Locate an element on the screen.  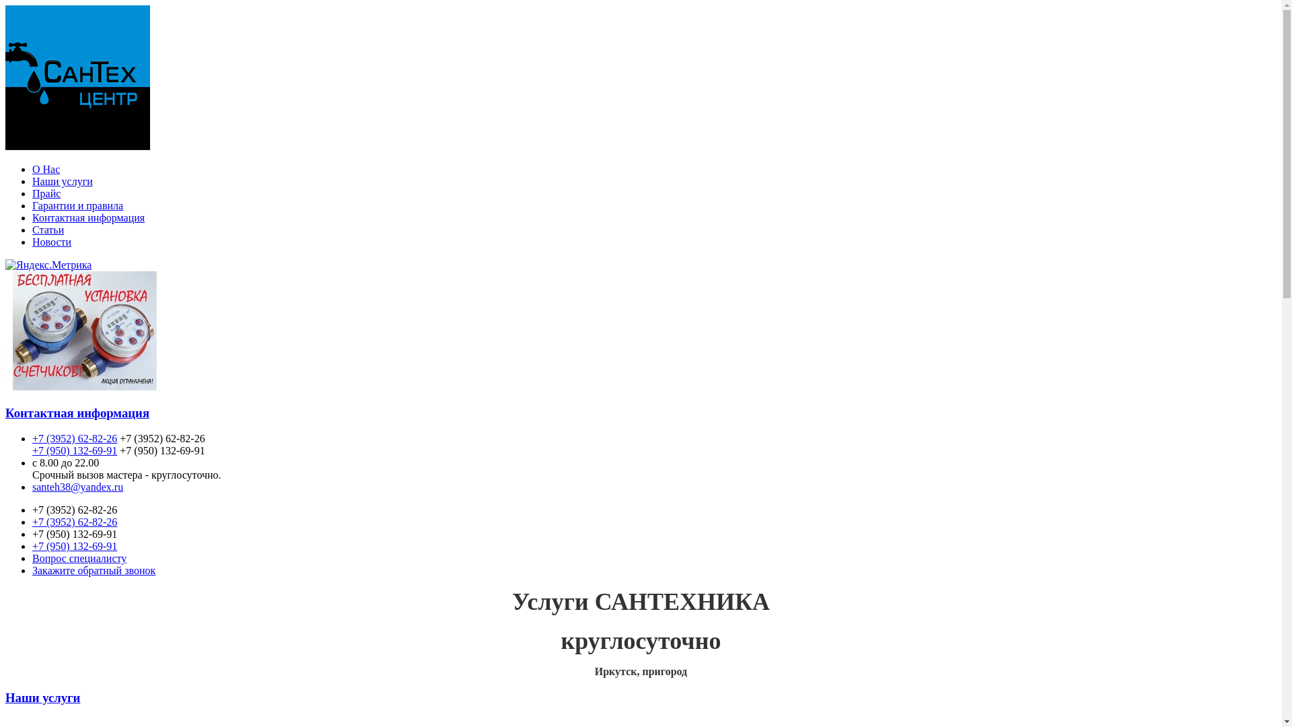
'santeh38@yandex.ru' is located at coordinates (77, 487).